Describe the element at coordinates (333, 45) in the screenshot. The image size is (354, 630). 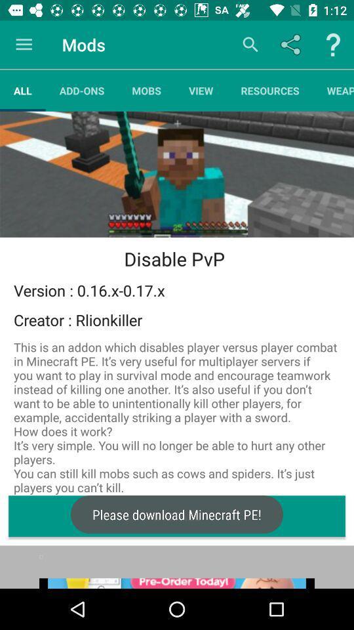
I see `open help menu` at that location.